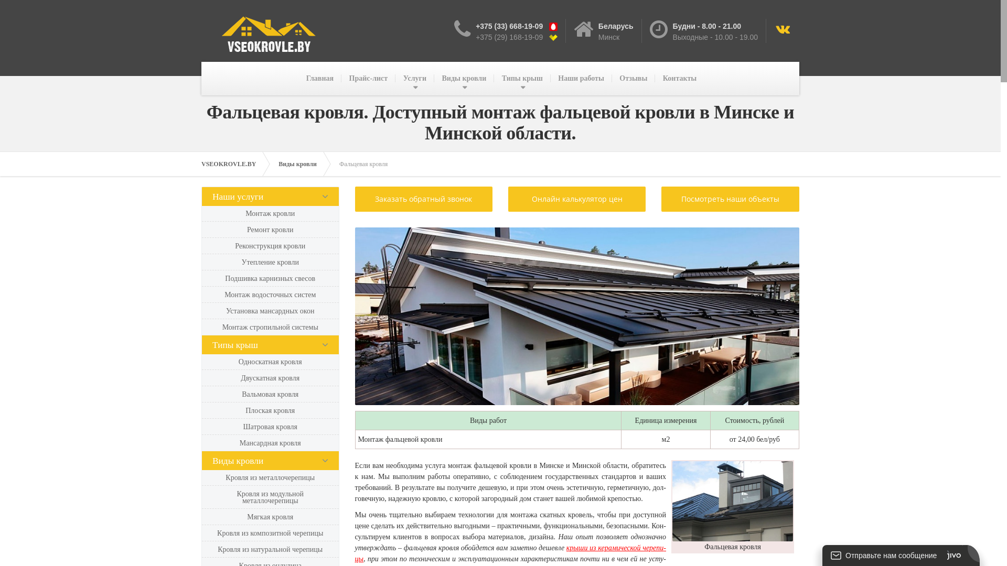 The image size is (1007, 566). What do you see at coordinates (233, 164) in the screenshot?
I see `'VSEOKROVLE.BY'` at bounding box center [233, 164].